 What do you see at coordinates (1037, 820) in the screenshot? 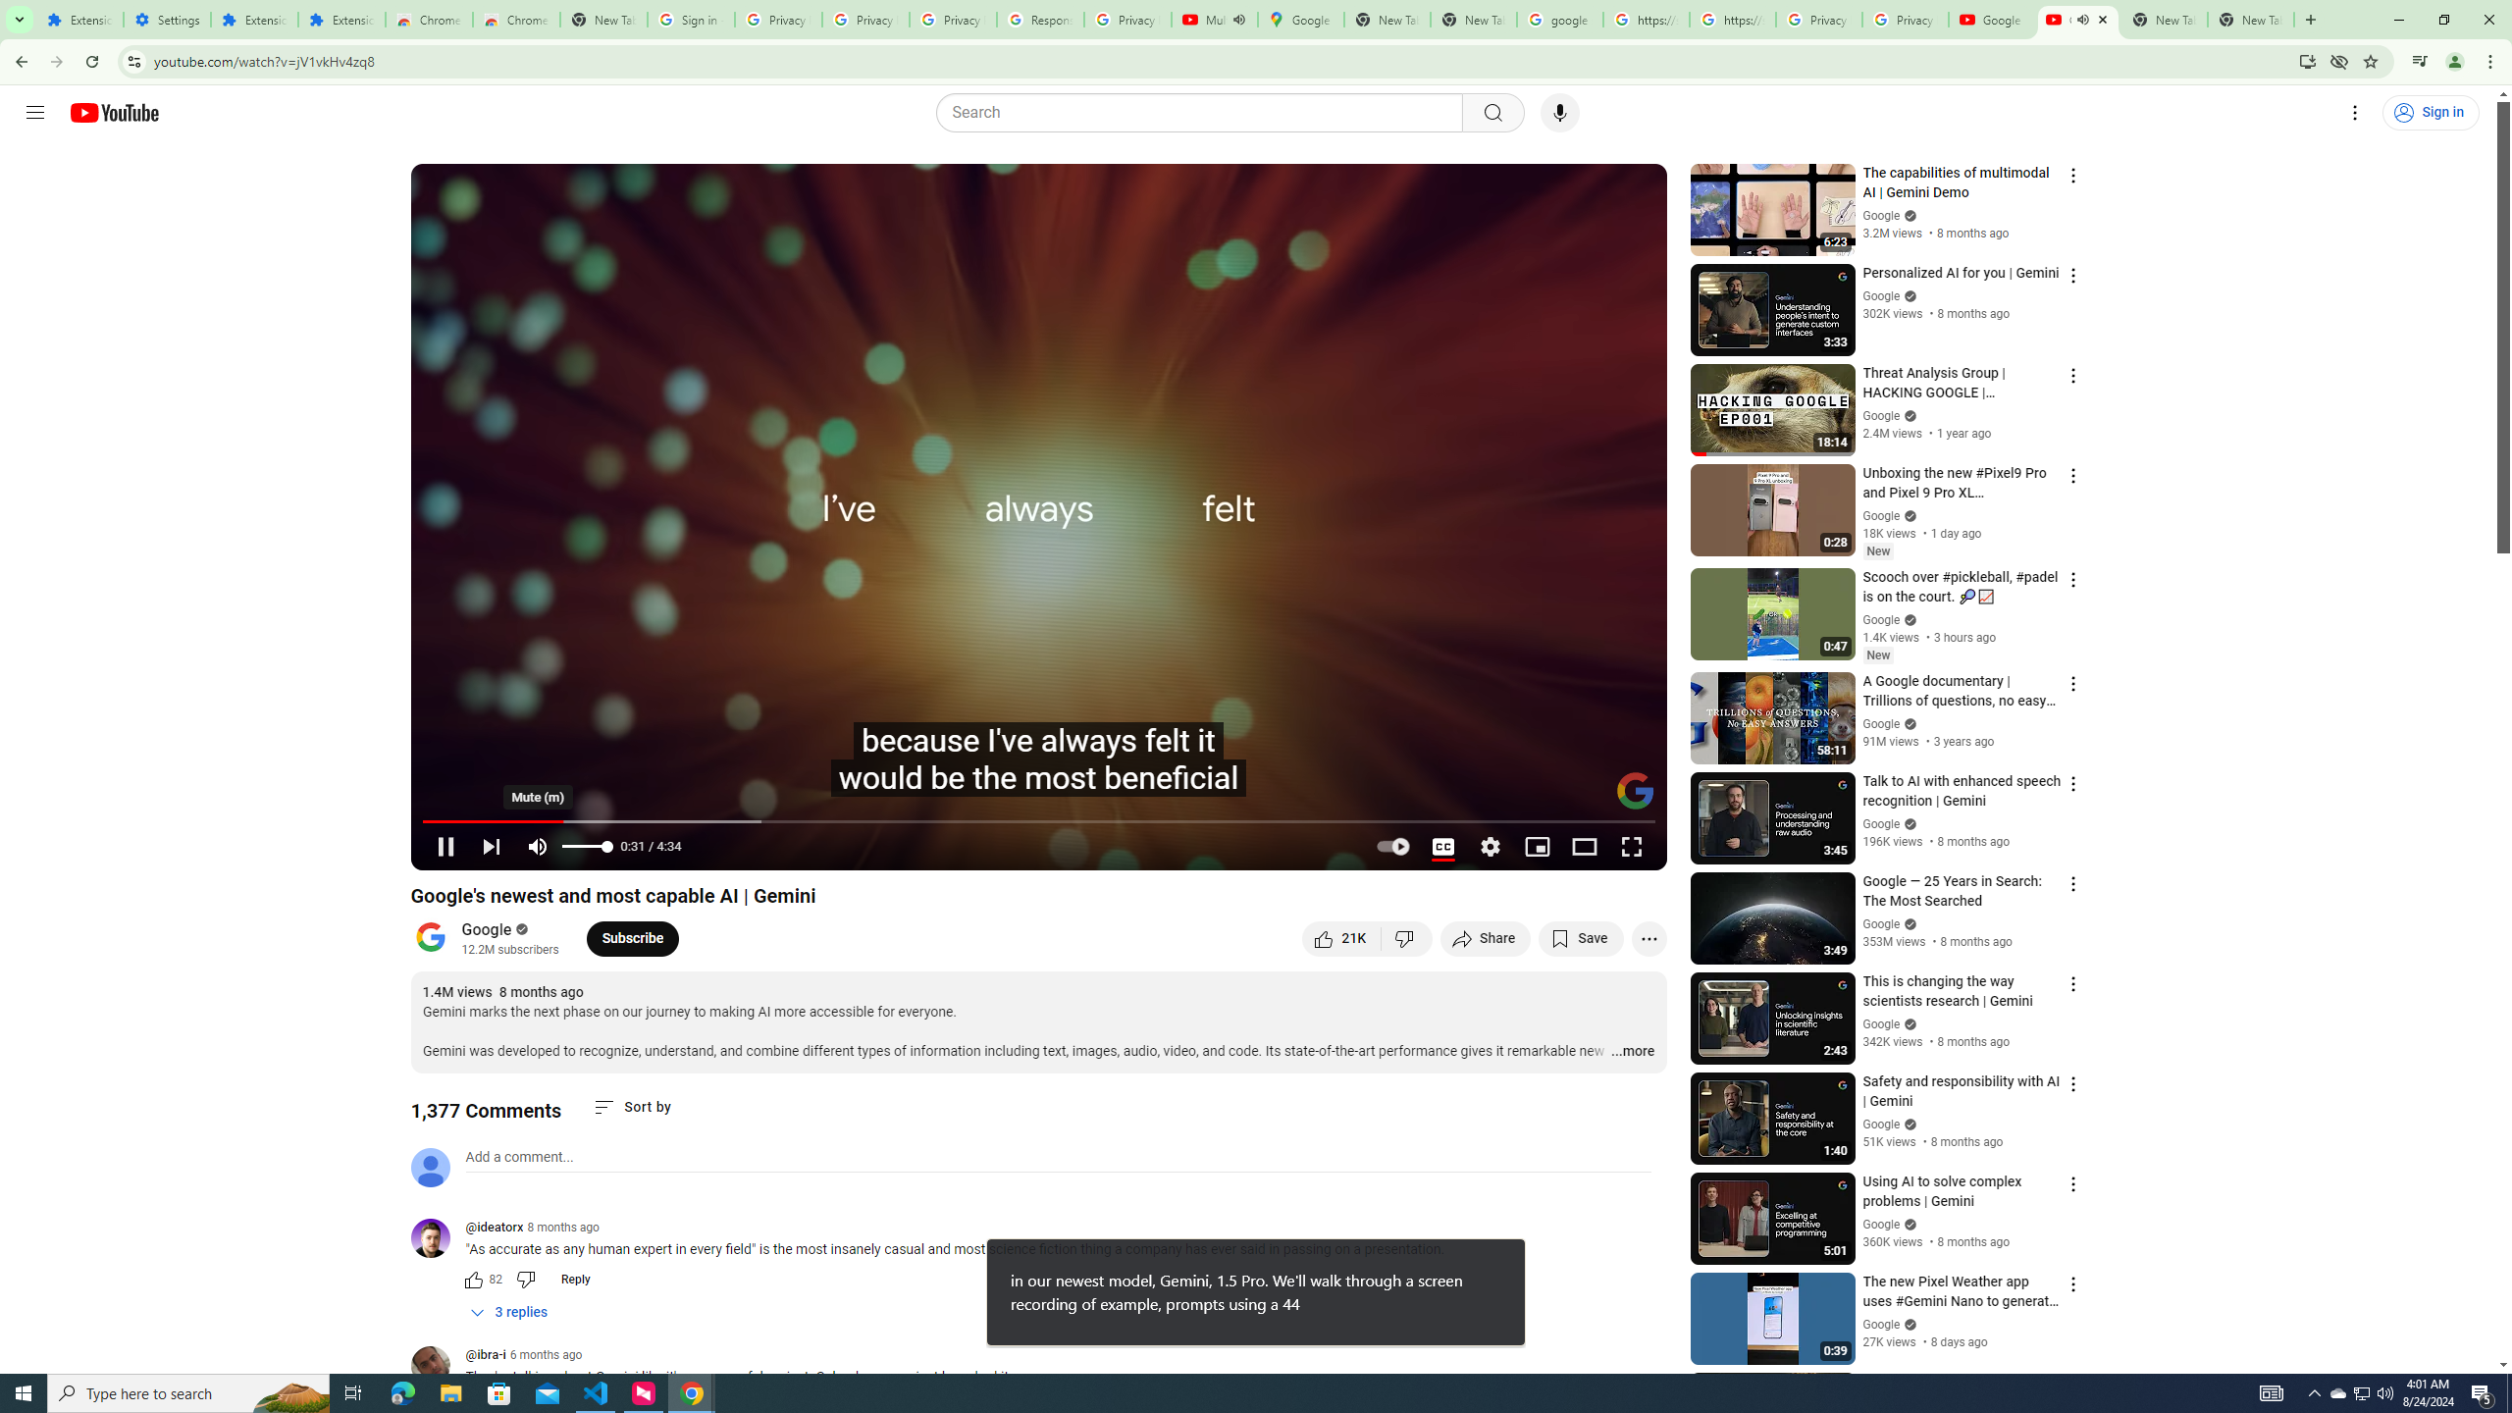
I see `'Seek slider'` at bounding box center [1037, 820].